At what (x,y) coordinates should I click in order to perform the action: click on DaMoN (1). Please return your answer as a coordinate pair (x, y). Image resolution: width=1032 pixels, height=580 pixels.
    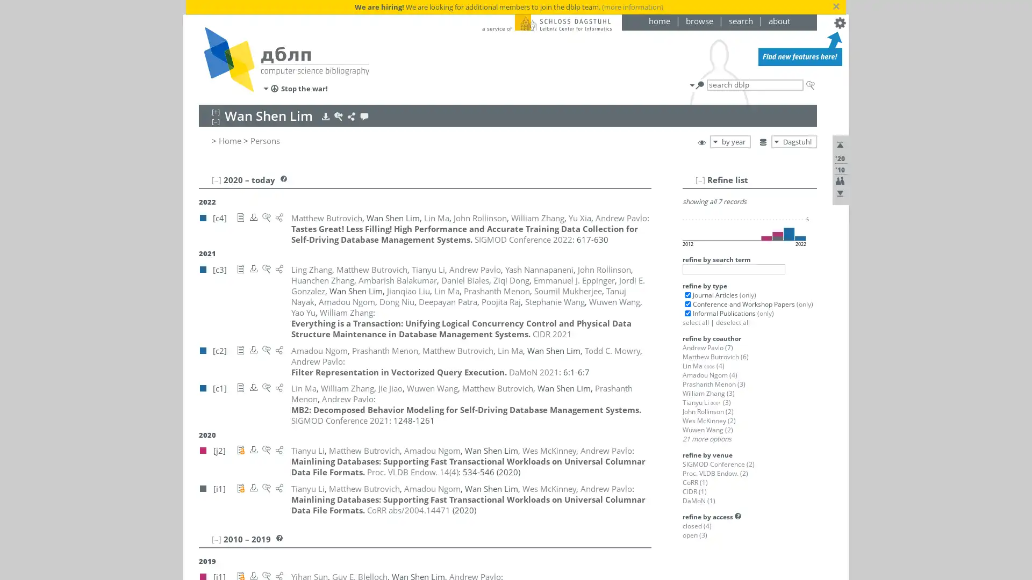
    Looking at the image, I should click on (699, 501).